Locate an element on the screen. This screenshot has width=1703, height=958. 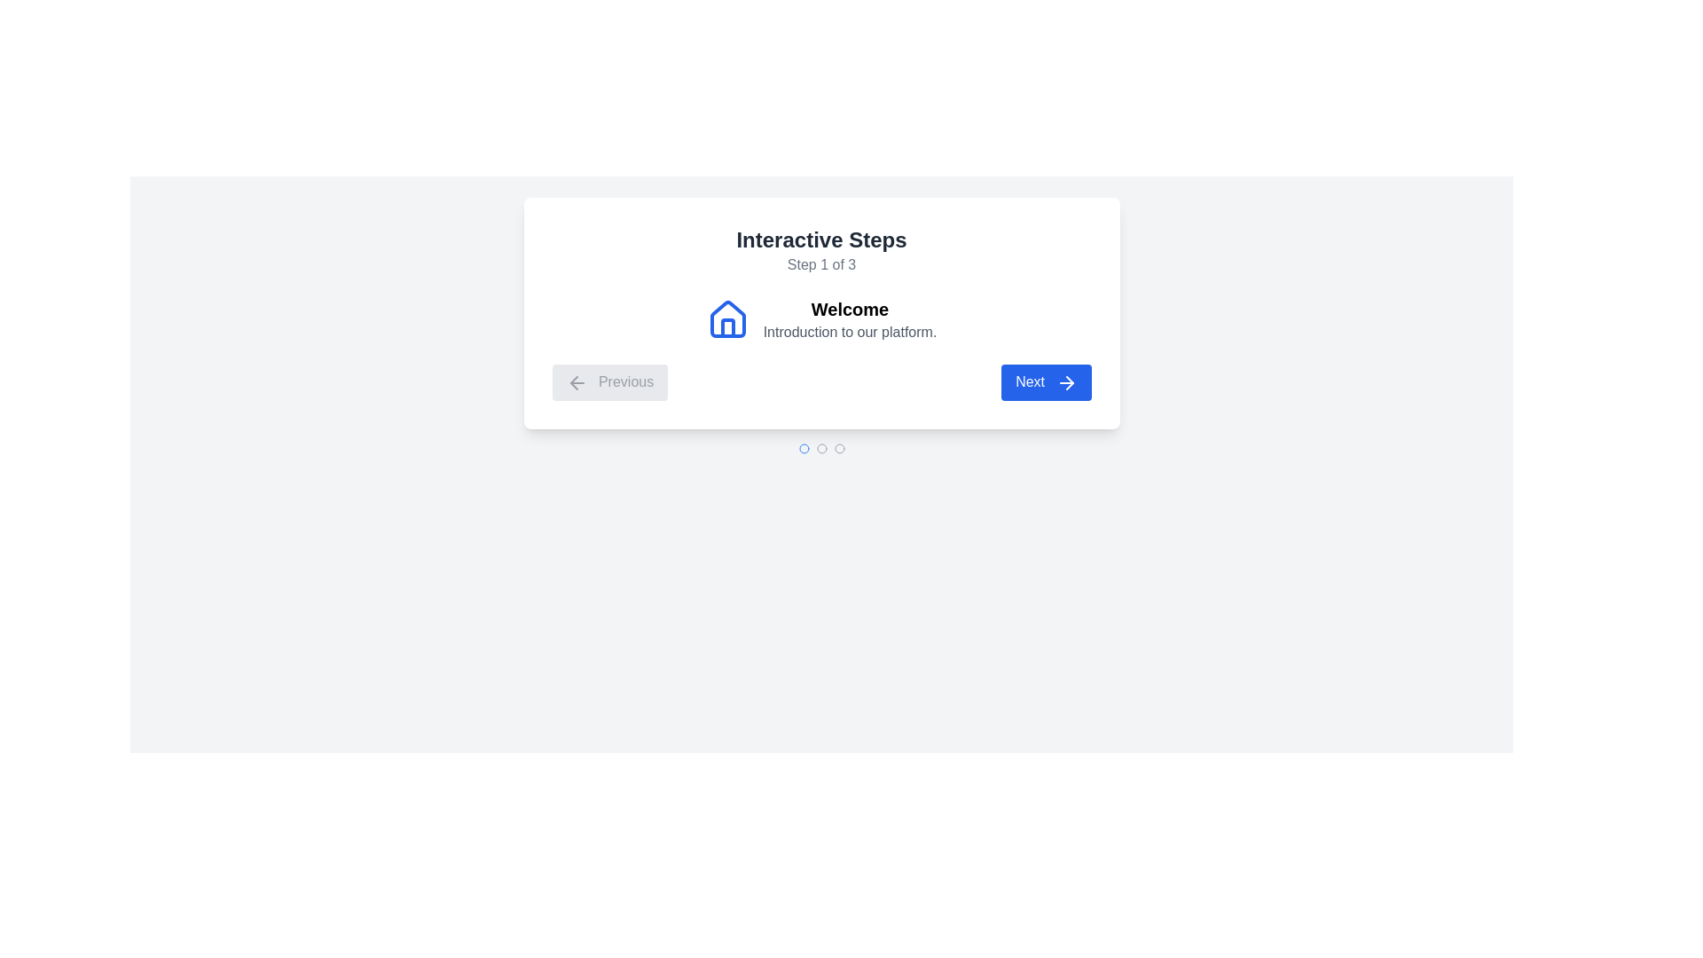
the Text label that indicates the current step in the multi-step process, positioned below the 'Interactive Steps' header is located at coordinates (820, 265).